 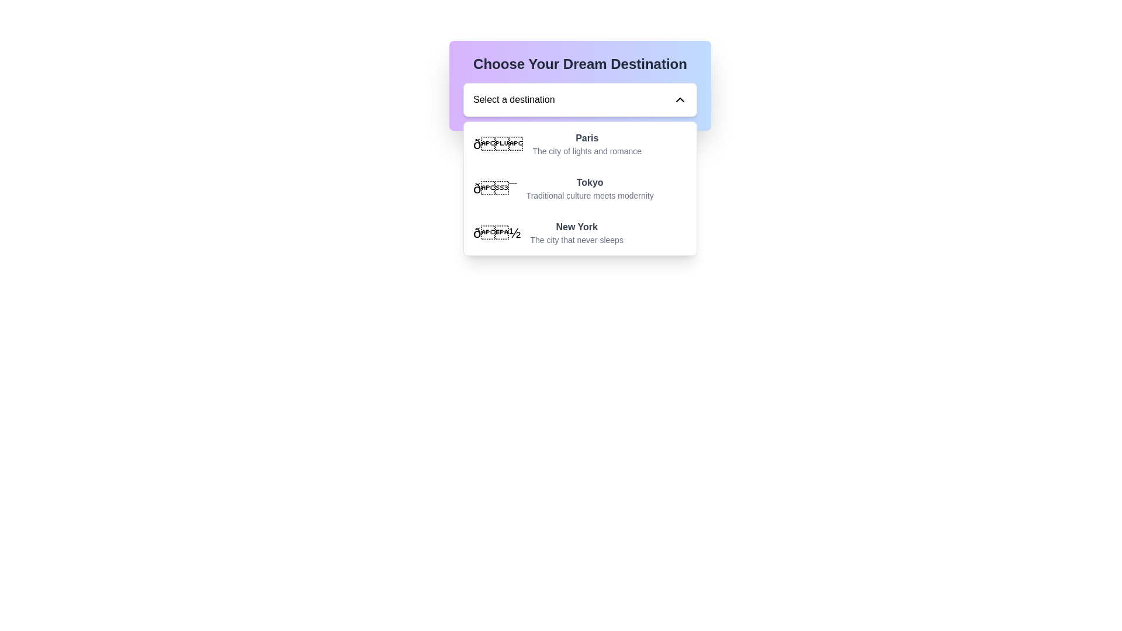 I want to click on to select the 'Tokyo' destination option in the dropdown menu, which is the middle item in a list of three options, so click(x=590, y=188).